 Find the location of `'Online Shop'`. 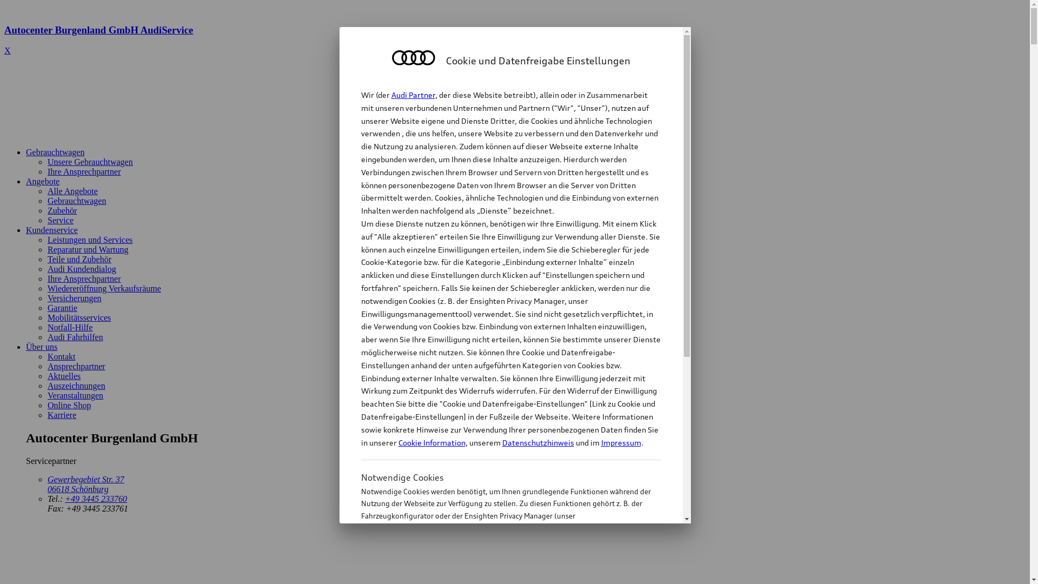

'Online Shop' is located at coordinates (69, 405).